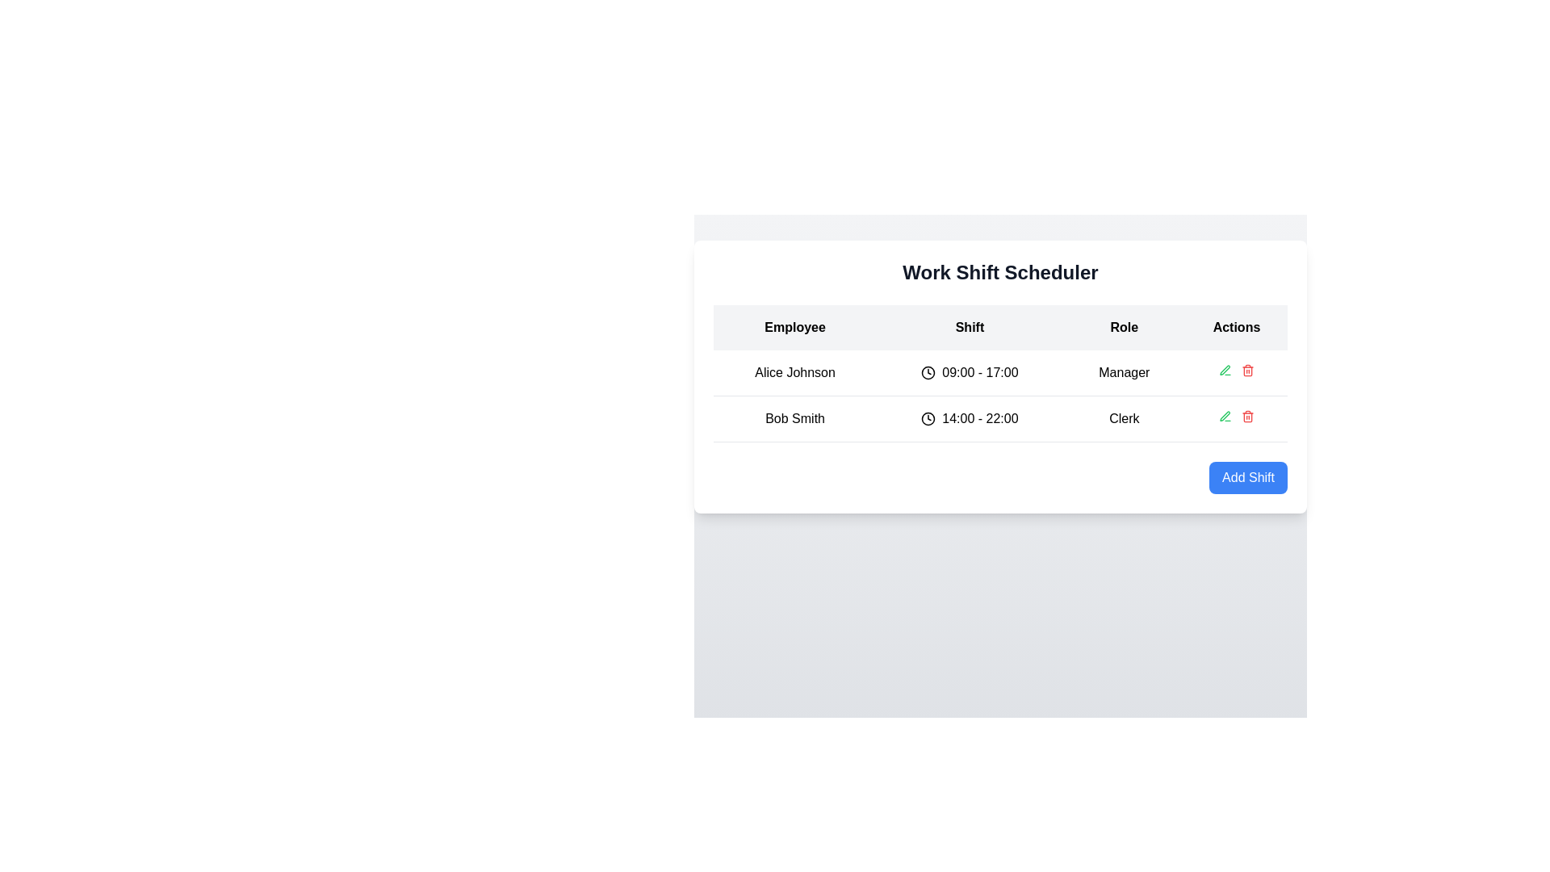  Describe the element at coordinates (795, 373) in the screenshot. I see `the text label displaying 'Alice Johnson' located in the first row of the table under the 'Employee' column` at that location.